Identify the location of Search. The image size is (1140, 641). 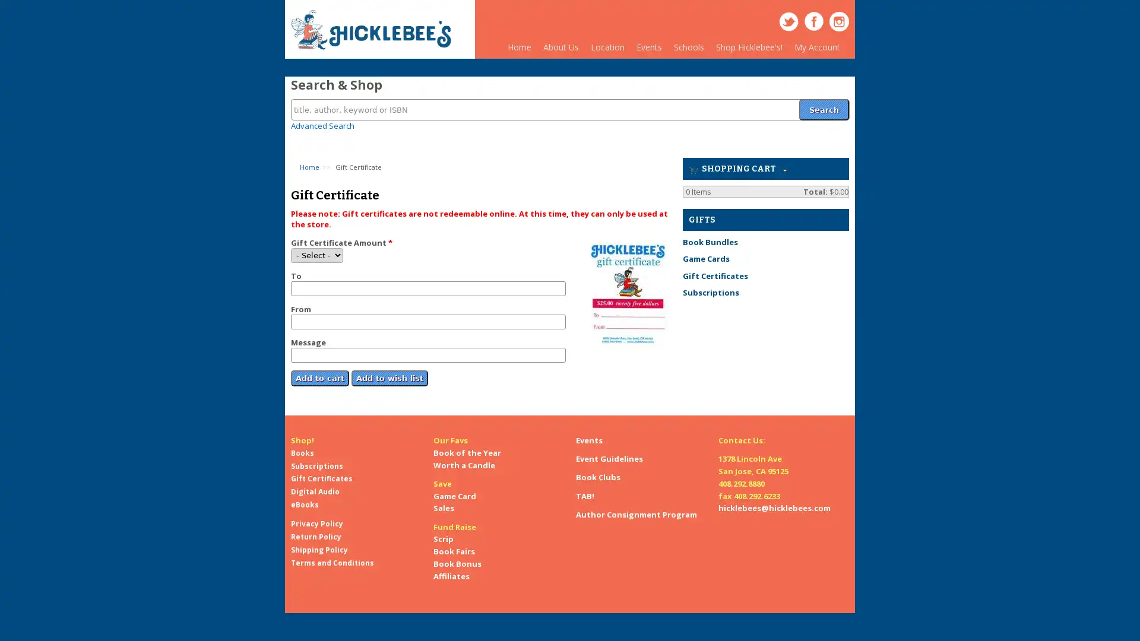
(823, 102).